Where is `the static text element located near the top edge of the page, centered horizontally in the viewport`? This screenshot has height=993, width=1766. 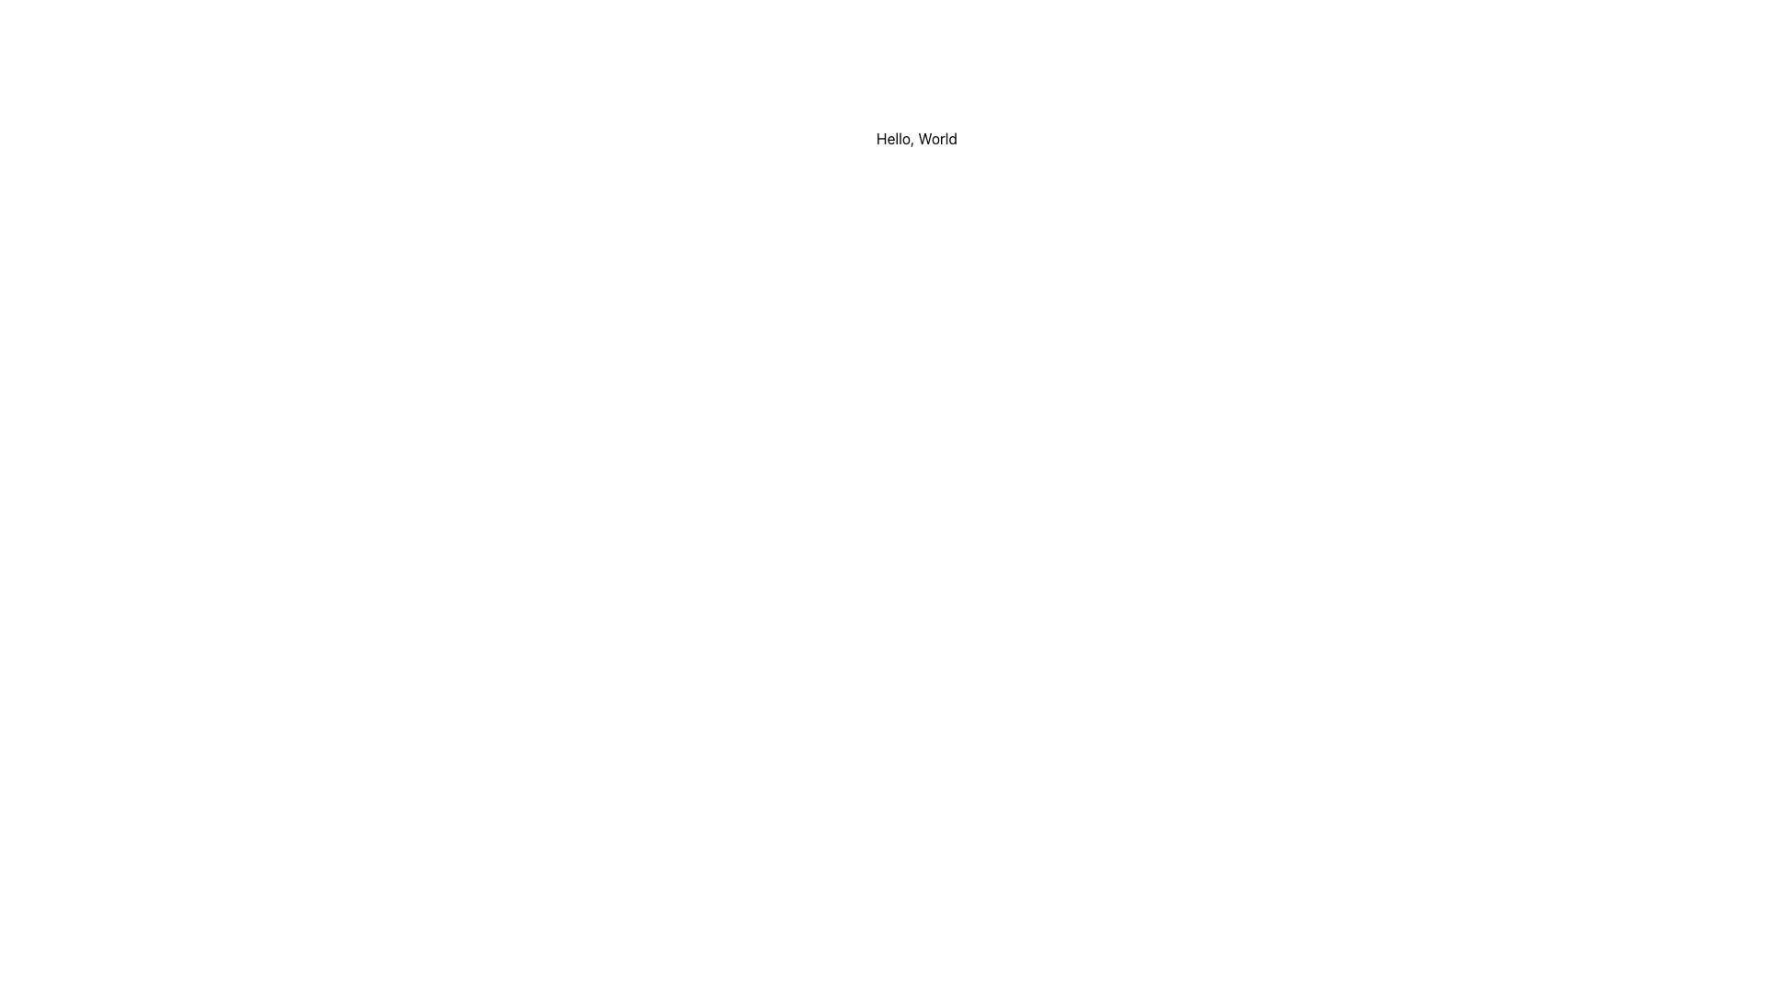 the static text element located near the top edge of the page, centered horizontally in the viewport is located at coordinates (917, 137).